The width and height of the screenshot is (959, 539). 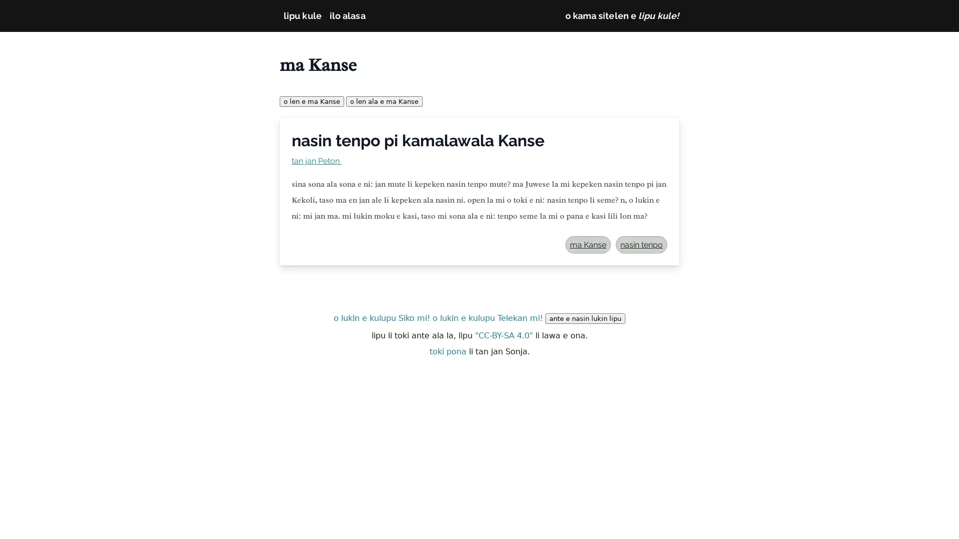 What do you see at coordinates (311, 101) in the screenshot?
I see `o len e ma Kanse` at bounding box center [311, 101].